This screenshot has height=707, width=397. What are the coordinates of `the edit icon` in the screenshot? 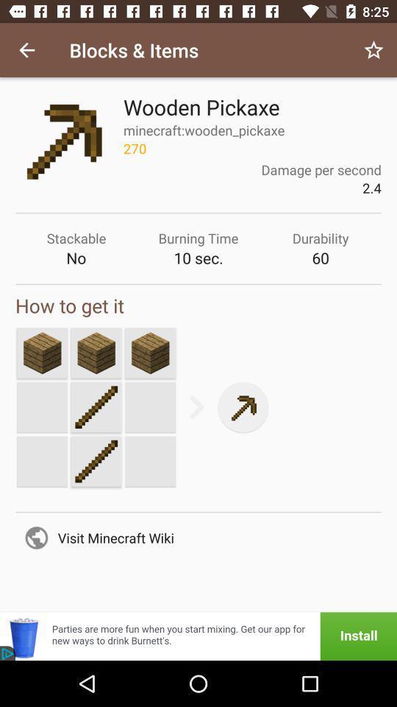 It's located at (96, 407).